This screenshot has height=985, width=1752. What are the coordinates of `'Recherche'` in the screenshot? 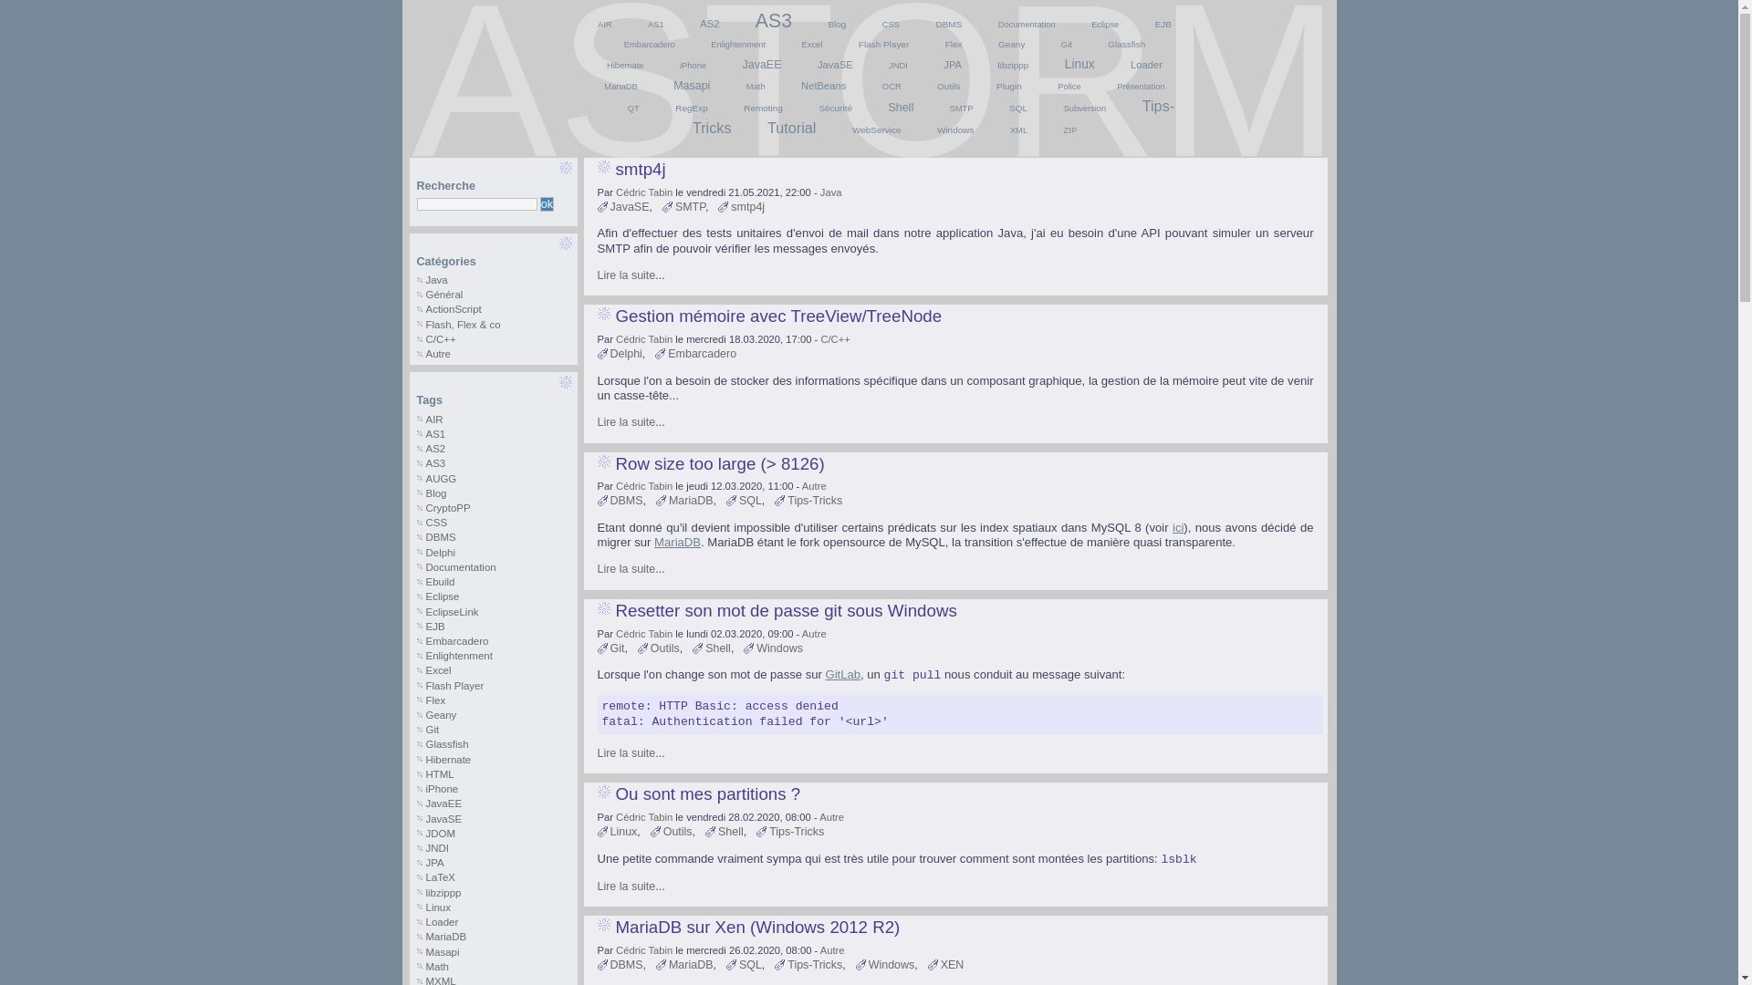 It's located at (546, 203).